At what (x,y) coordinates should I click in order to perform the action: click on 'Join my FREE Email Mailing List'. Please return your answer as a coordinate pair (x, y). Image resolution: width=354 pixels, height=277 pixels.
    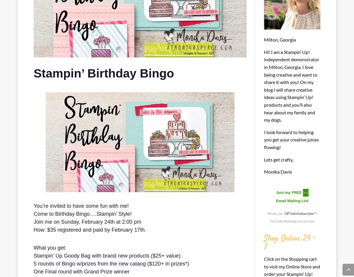
    Looking at the image, I should click on (292, 196).